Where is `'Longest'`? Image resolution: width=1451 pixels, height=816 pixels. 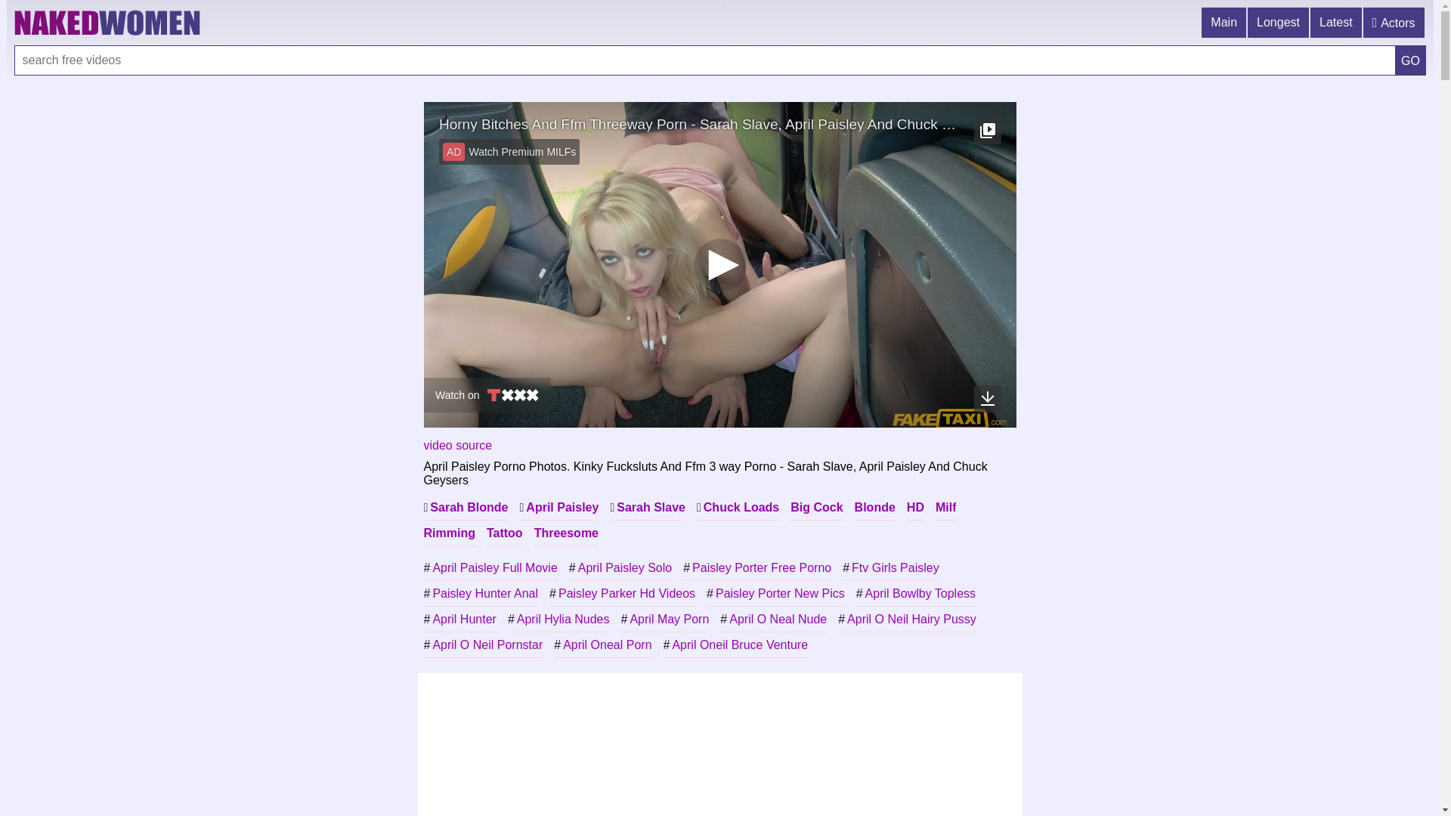 'Longest' is located at coordinates (1278, 23).